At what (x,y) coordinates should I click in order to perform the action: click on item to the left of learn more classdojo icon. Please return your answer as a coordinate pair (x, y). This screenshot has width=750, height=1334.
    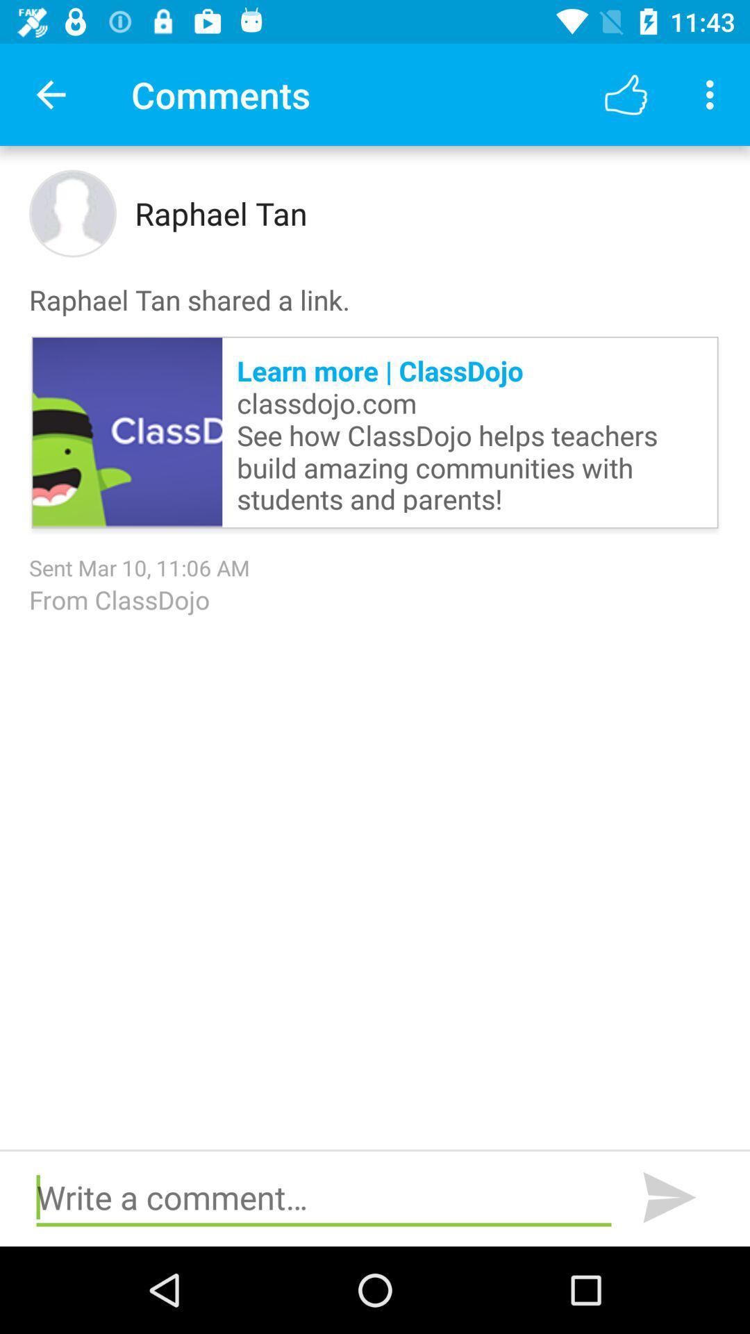
    Looking at the image, I should click on (127, 431).